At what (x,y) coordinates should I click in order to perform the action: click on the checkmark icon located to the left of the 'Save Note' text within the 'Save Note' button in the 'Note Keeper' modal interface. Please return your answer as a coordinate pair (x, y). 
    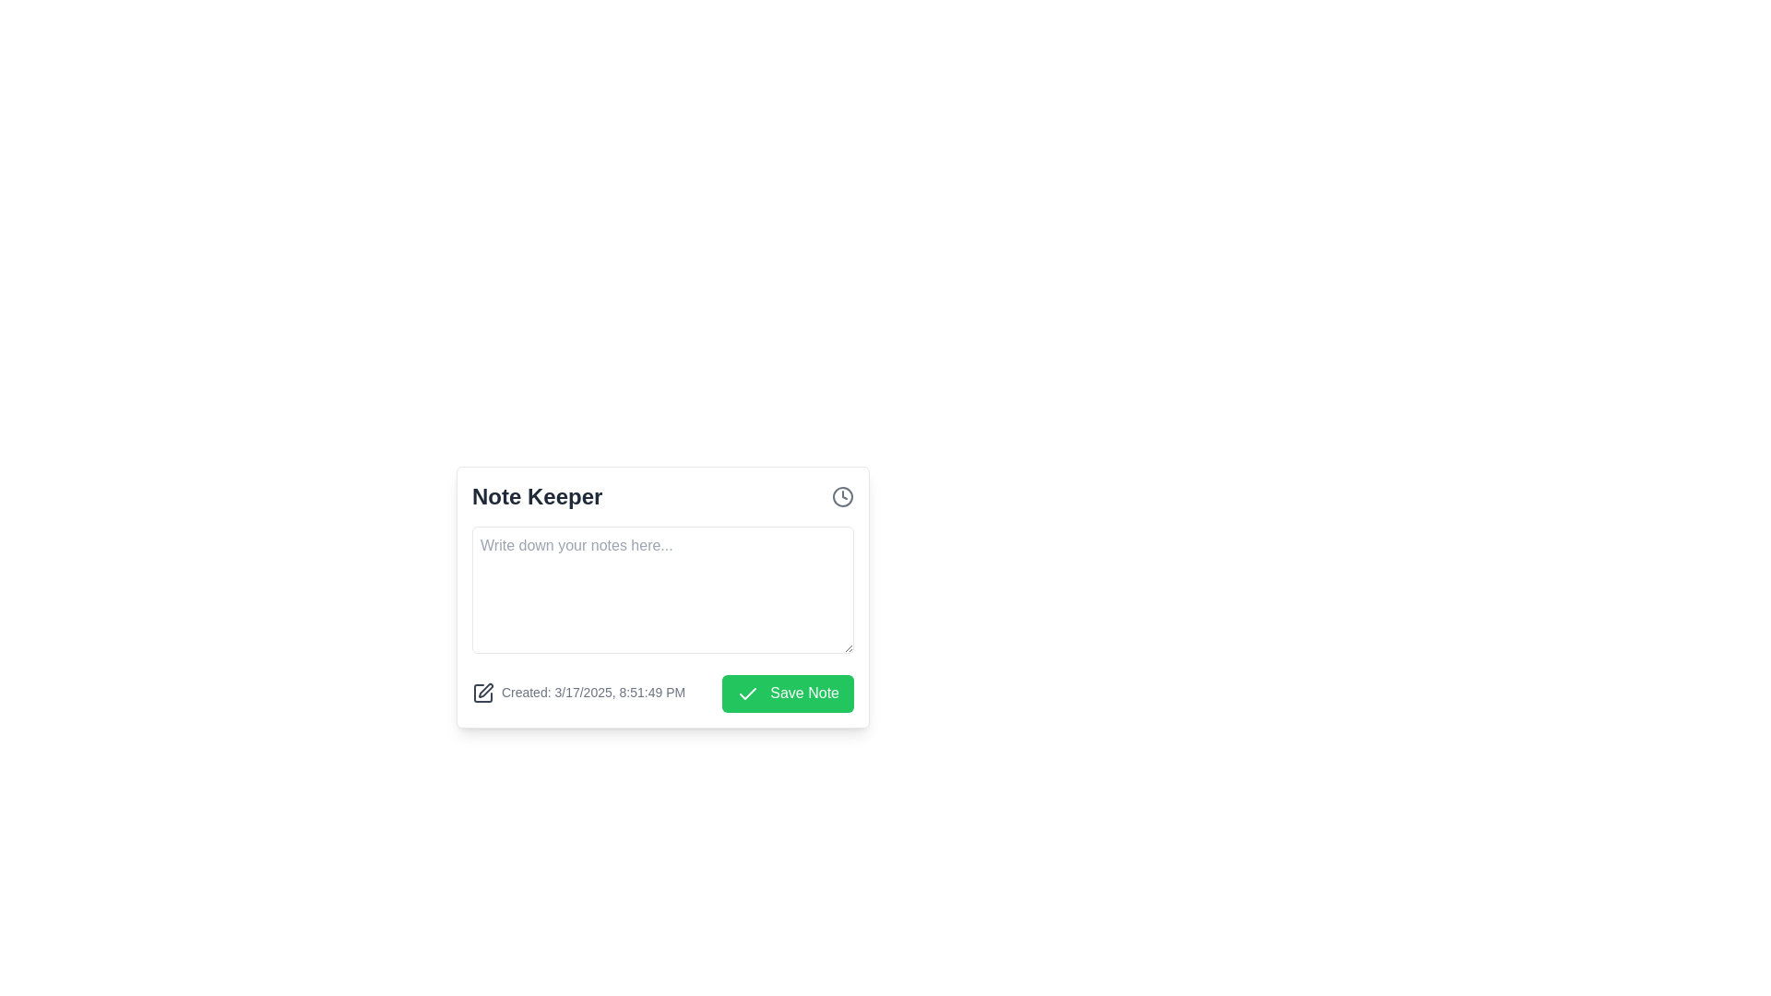
    Looking at the image, I should click on (747, 694).